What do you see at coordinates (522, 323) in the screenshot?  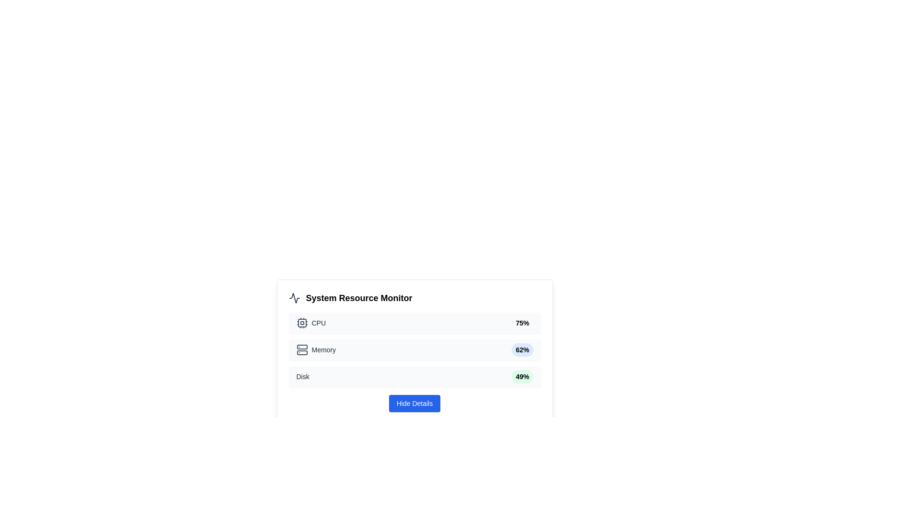 I see `the text label displaying '75%' which is styled with a bold font, red color scheme, and positioned to the right of the 'CPU' label` at bounding box center [522, 323].